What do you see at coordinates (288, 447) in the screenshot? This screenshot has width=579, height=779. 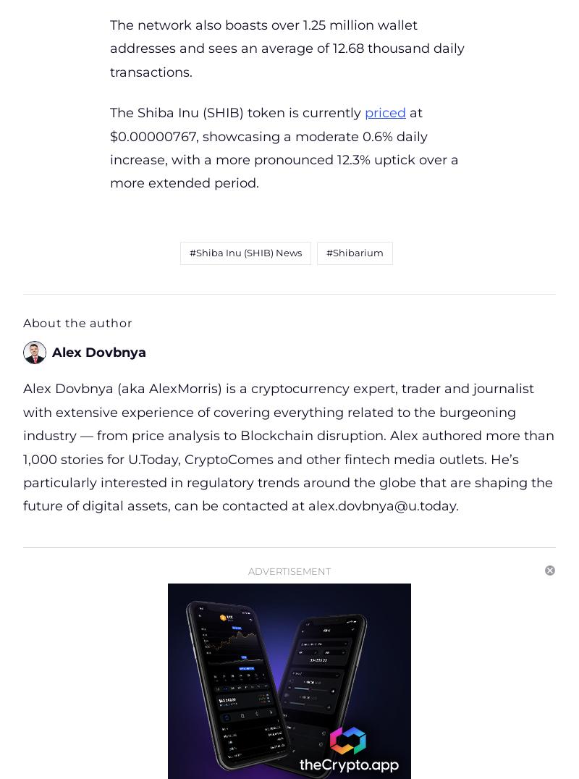 I see `'Alex Dovbnya (aka AlexMorris) is a cryptocurrency expert, trader and journalist with extensive experience of covering everything related to the burgeoning industry — from price analysis to Blockchain disruption. Alex authored more than 1,000 stories for U.Today, CryptoComes and other fintech media outlets. He’s particularly interested in regulatory trends around the globe that are shaping the future of digital assets, can be contacted at alex.dovbnya@u.today.'` at bounding box center [288, 447].